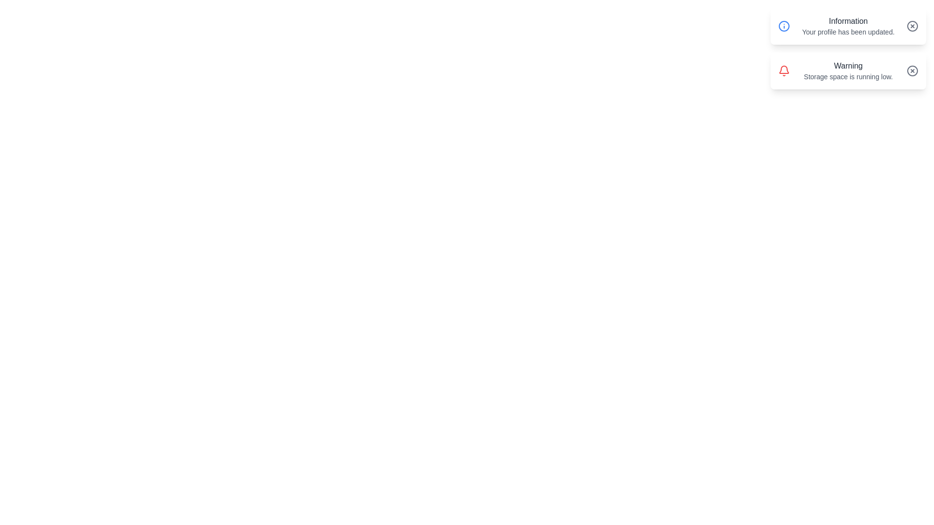 This screenshot has height=525, width=934. What do you see at coordinates (847, 21) in the screenshot?
I see `the text label that represents the title or category for the notification box indicating 'Your profile has been updated.'` at bounding box center [847, 21].